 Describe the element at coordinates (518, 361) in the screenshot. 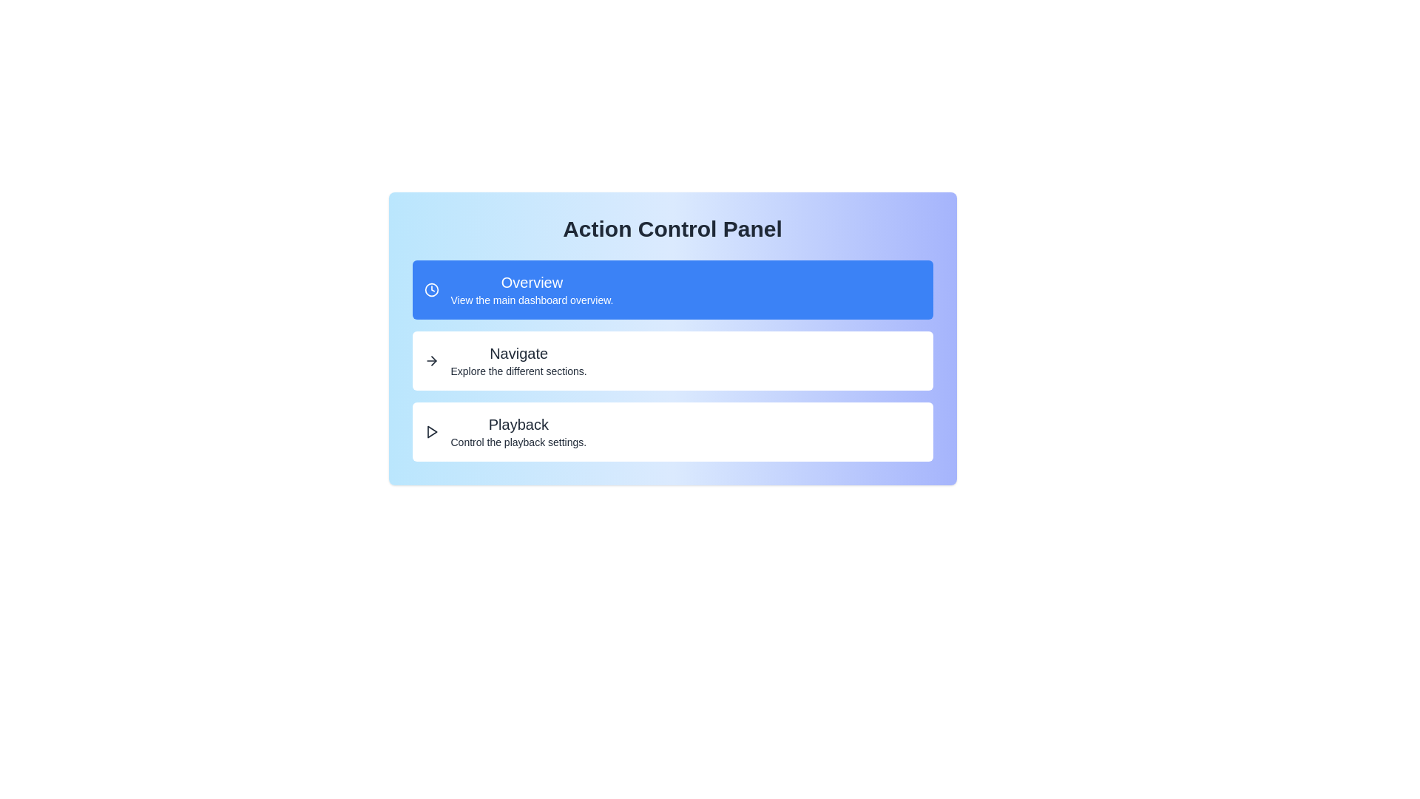

I see `the 'Navigate' text block, which contains the lines 'Navigate' in bold and 'Explore the different sections.' in regular font, located in the middle section of the blue gradient panel` at that location.